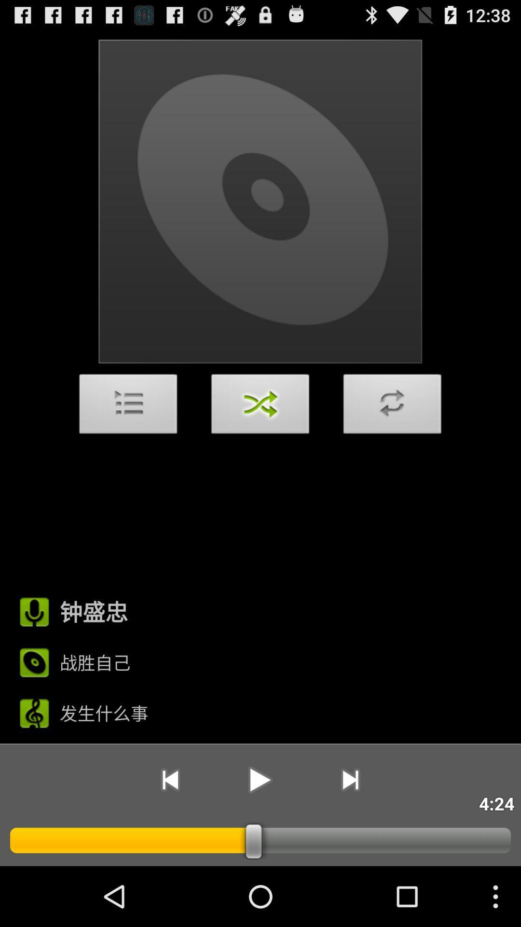  What do you see at coordinates (350, 780) in the screenshot?
I see `app to the left of 4:24 icon` at bounding box center [350, 780].